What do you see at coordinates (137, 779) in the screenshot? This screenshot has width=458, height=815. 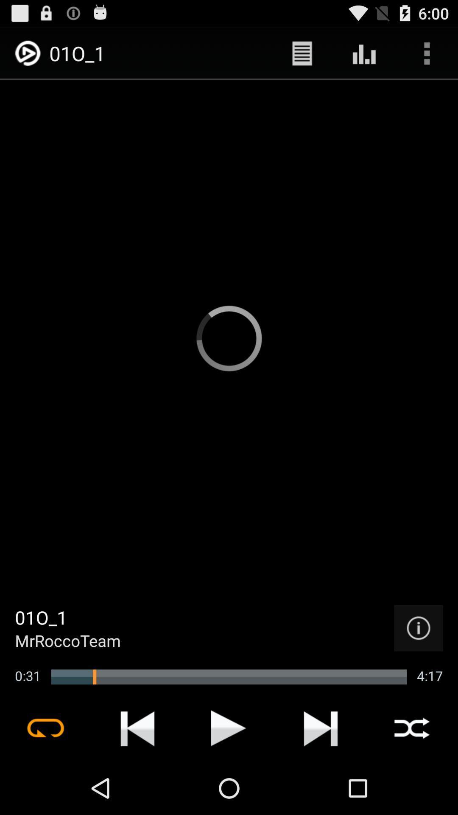 I see `the skip_previous icon` at bounding box center [137, 779].